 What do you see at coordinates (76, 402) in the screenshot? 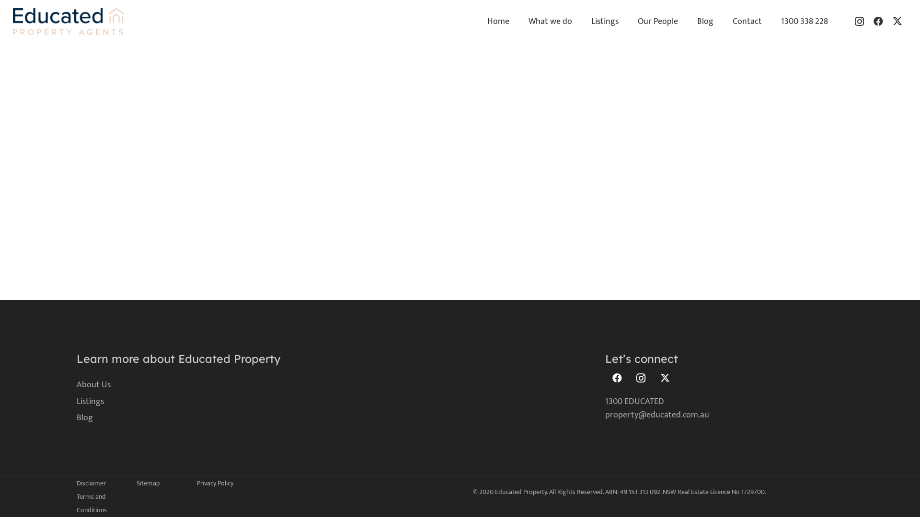
I see `'Listings'` at bounding box center [76, 402].